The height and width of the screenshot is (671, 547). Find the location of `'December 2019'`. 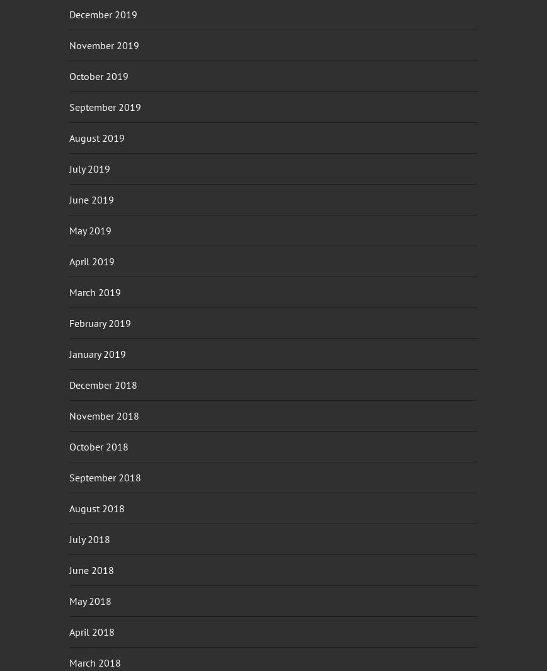

'December 2019' is located at coordinates (103, 13).